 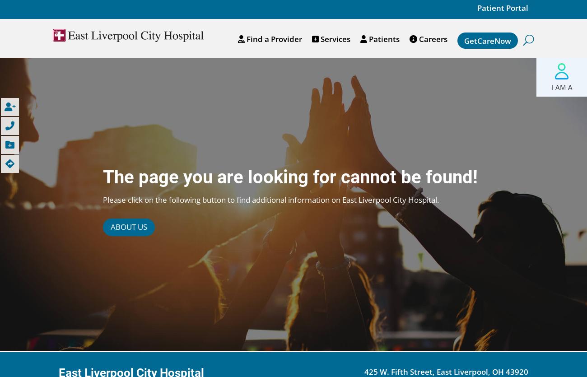 What do you see at coordinates (270, 199) in the screenshot?
I see `'Please click on the following button to find additional information on East Liverpool City Hospital.'` at bounding box center [270, 199].